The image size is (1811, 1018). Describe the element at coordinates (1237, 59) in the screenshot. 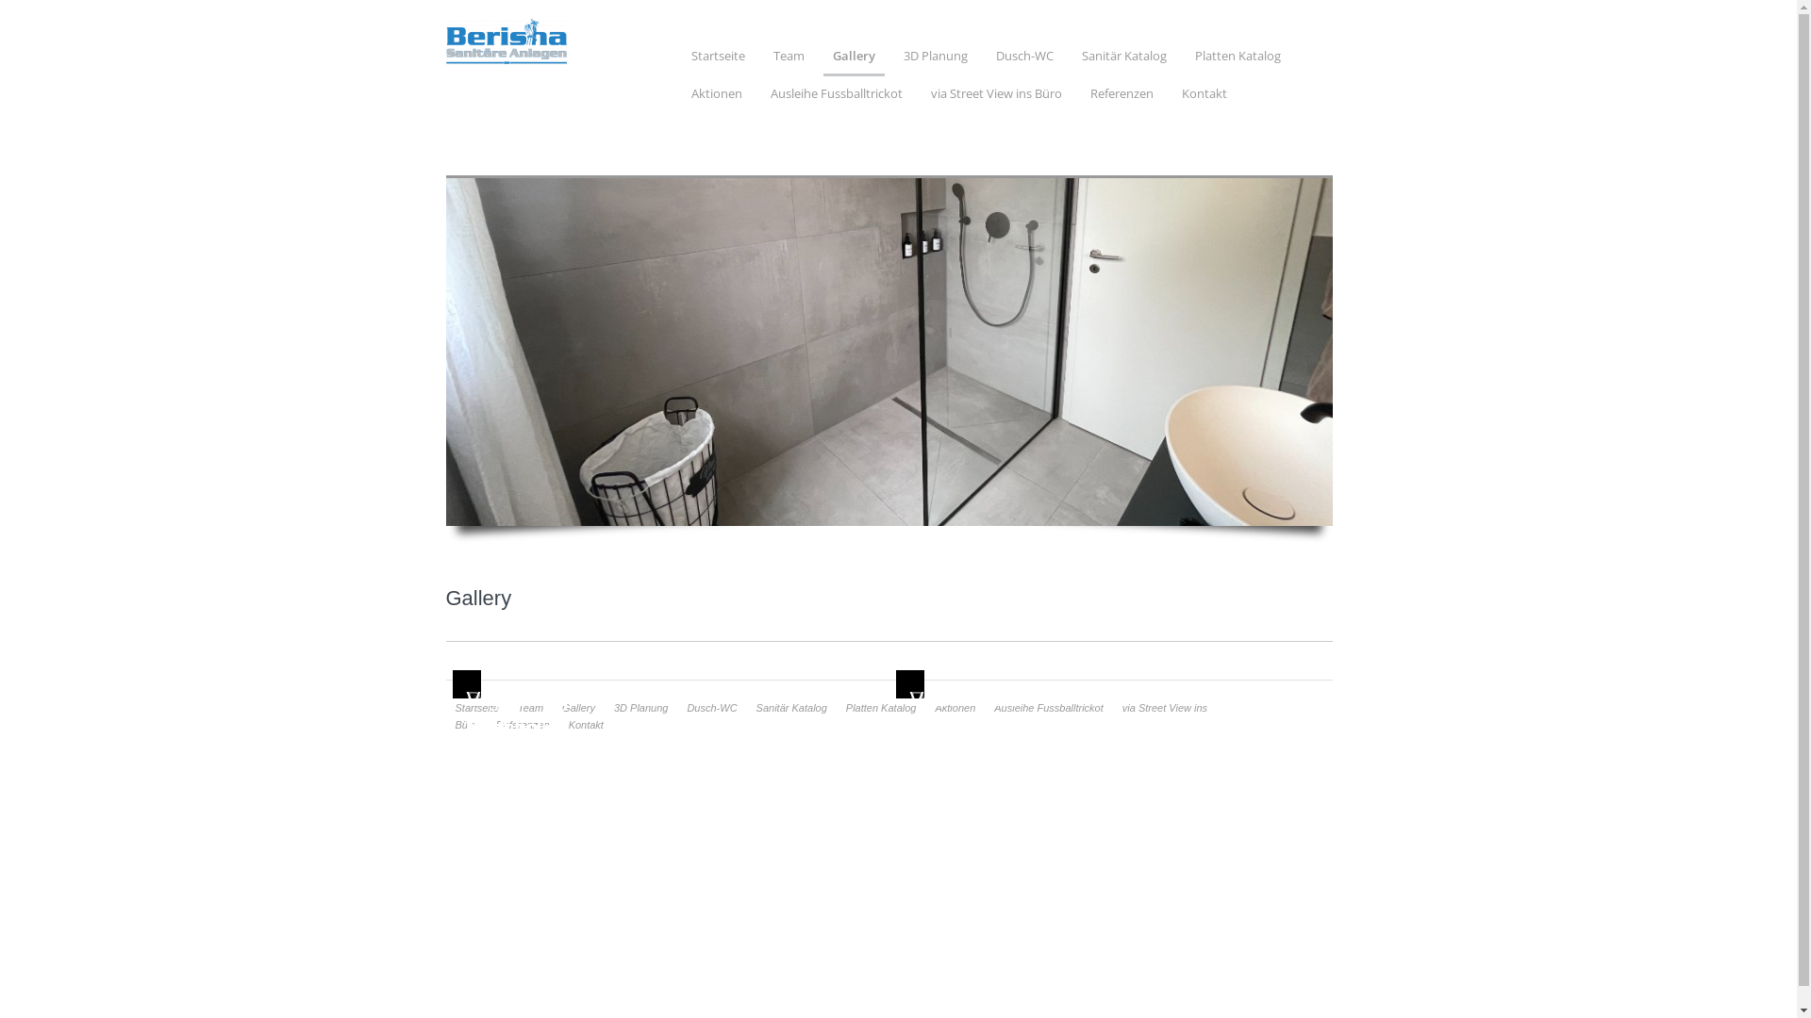

I see `'Platten Katalog'` at that location.